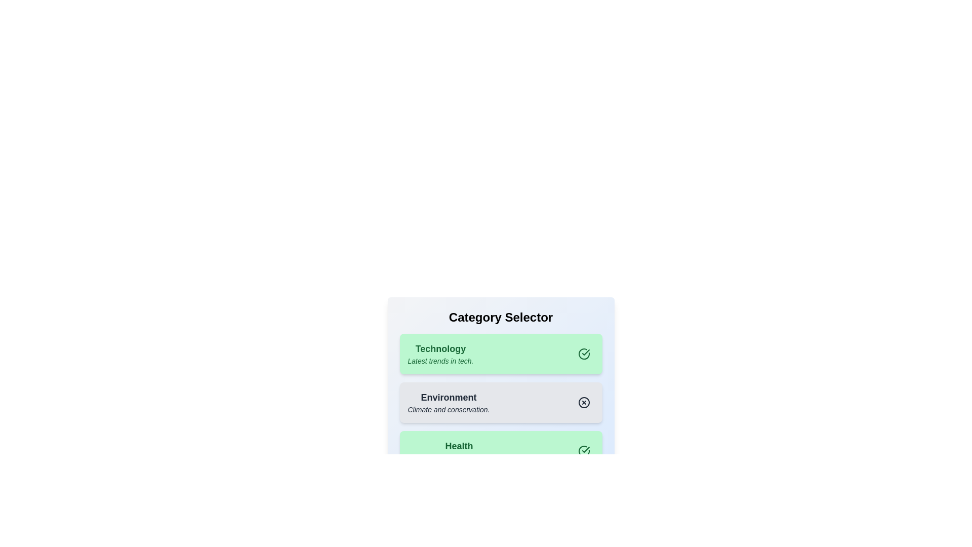 The height and width of the screenshot is (547, 972). Describe the element at coordinates (448, 402) in the screenshot. I see `the category Environment to observe visual feedback` at that location.